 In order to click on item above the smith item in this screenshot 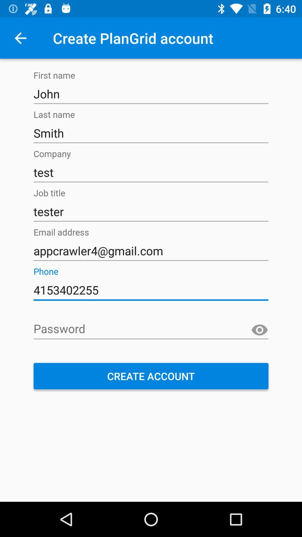, I will do `click(151, 94)`.